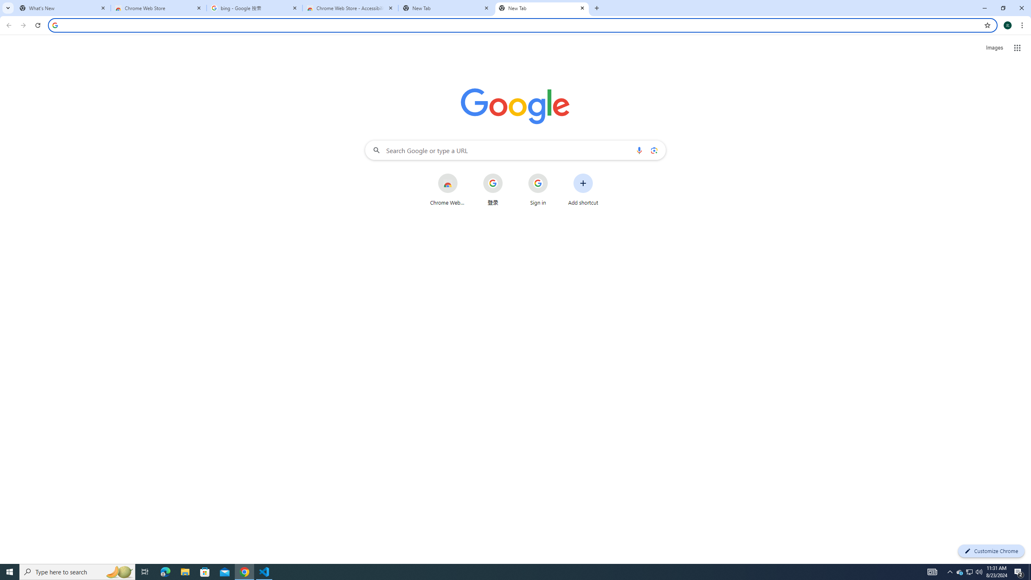 The height and width of the screenshot is (580, 1031). I want to click on 'Chrome Web Store - Accessibility', so click(350, 8).